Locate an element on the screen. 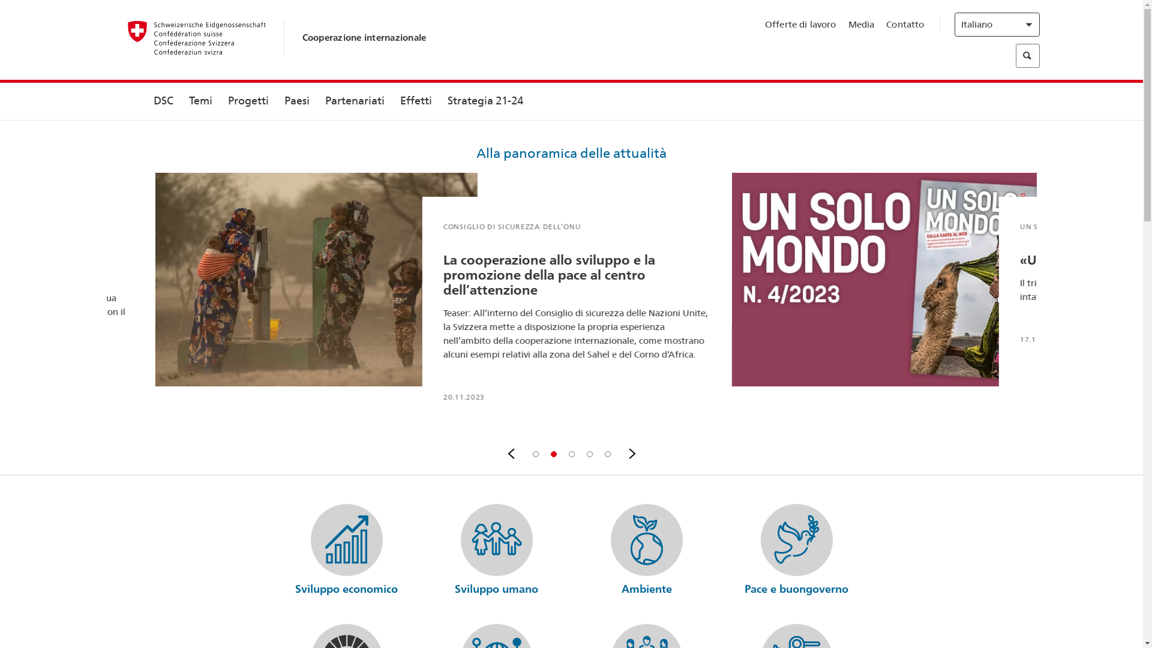 The image size is (1152, 648). 'DSC' is located at coordinates (162, 101).